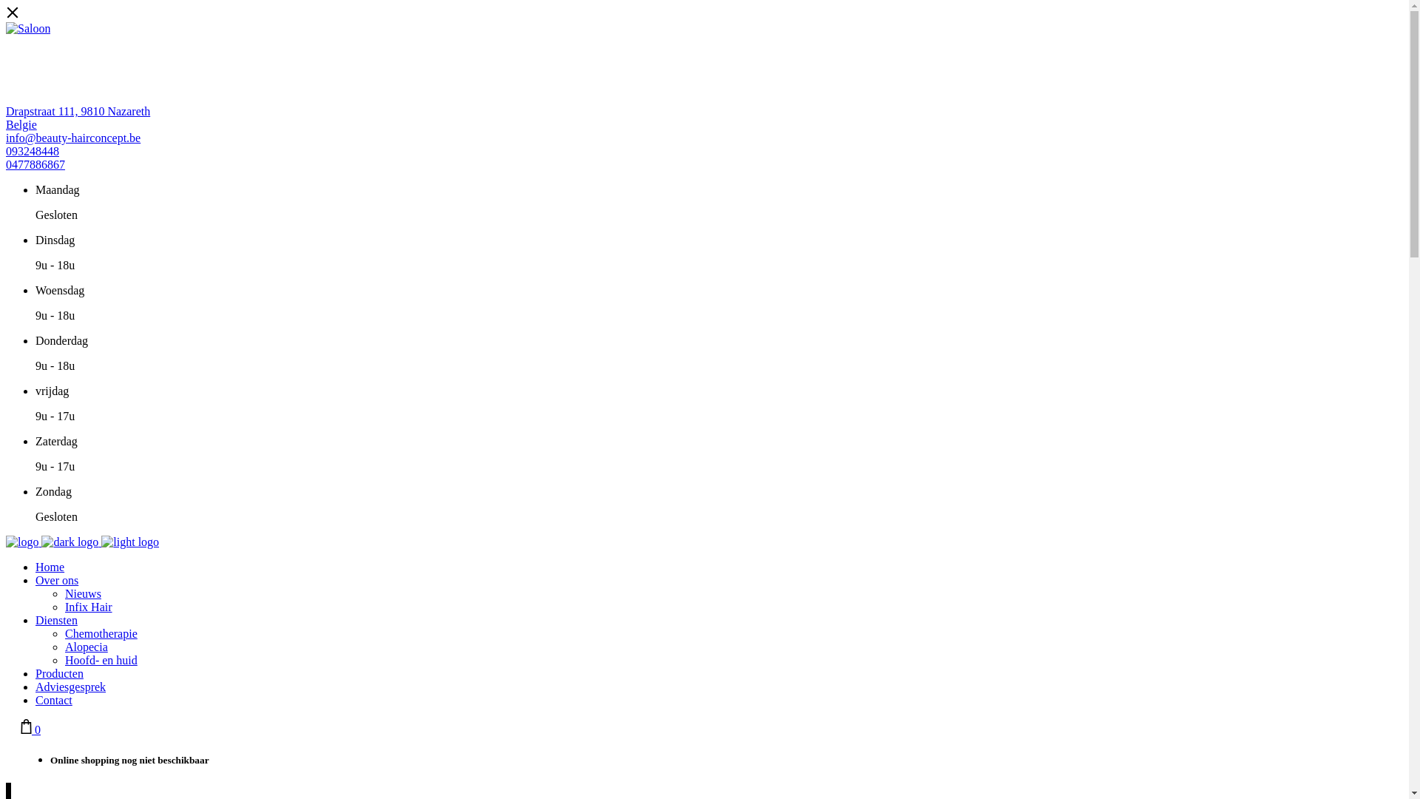 The image size is (1420, 799). Describe the element at coordinates (85, 646) in the screenshot. I see `'Alopecia'` at that location.